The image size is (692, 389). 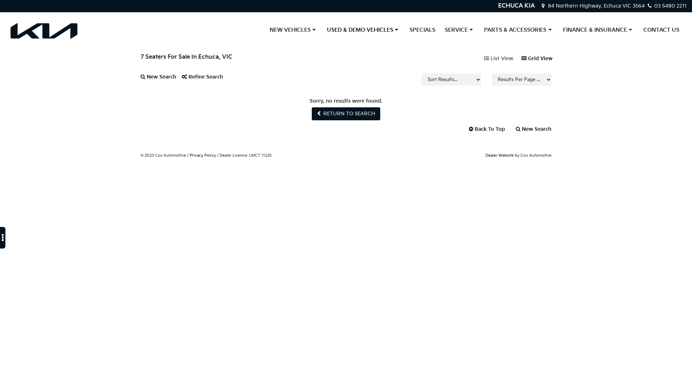 What do you see at coordinates (518, 30) in the screenshot?
I see `'PARTS & ACCESSORIES'` at bounding box center [518, 30].